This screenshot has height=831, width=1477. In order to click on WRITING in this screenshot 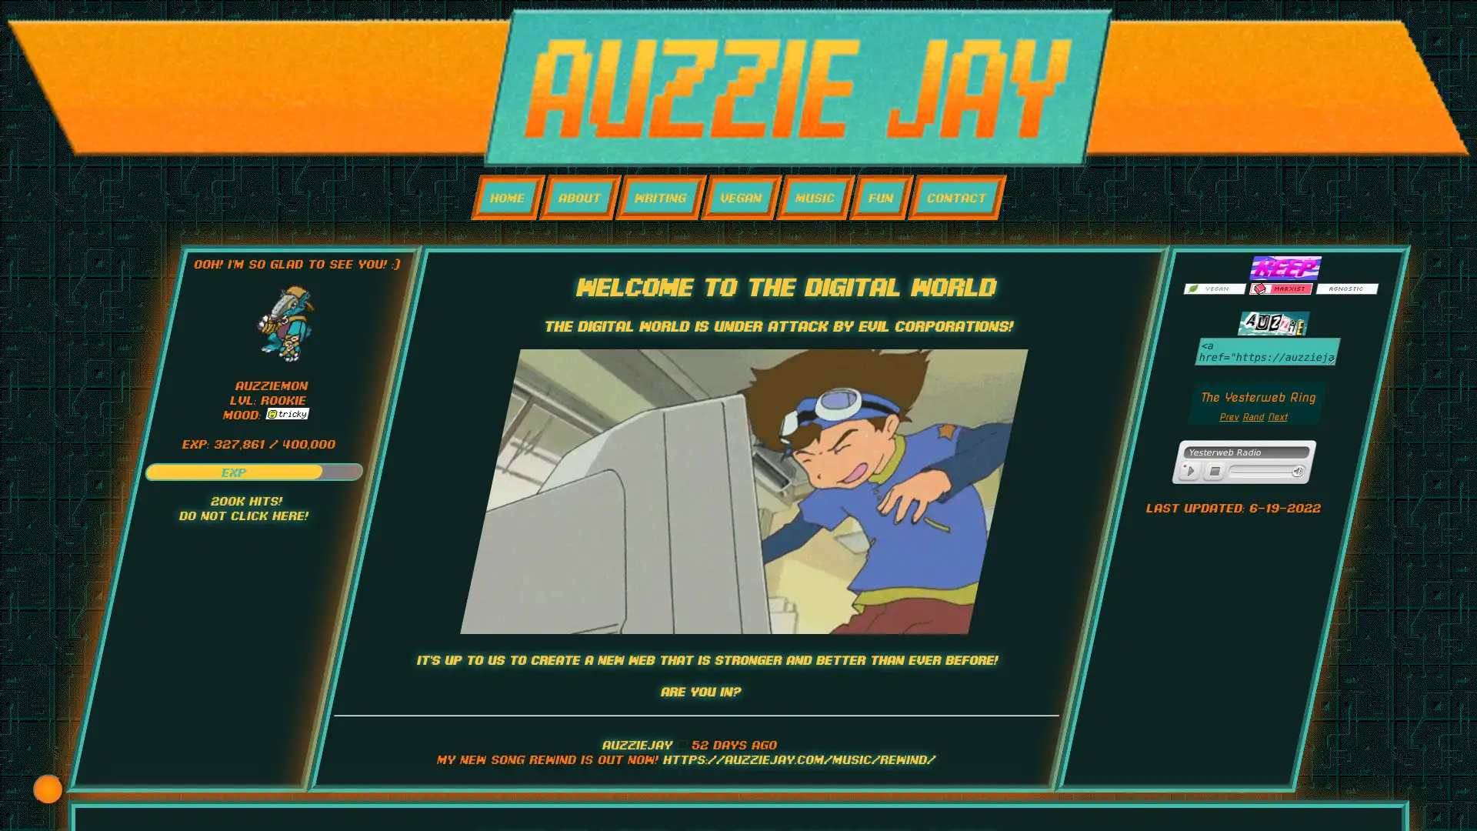, I will do `click(660, 196)`.